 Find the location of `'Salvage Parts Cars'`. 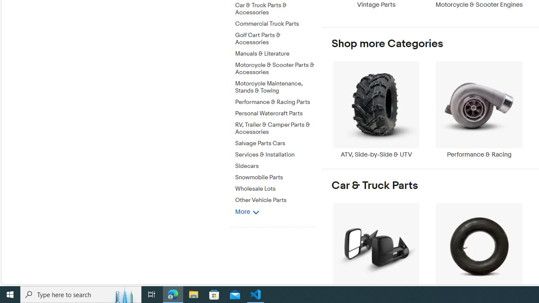

'Salvage Parts Cars' is located at coordinates (275, 141).